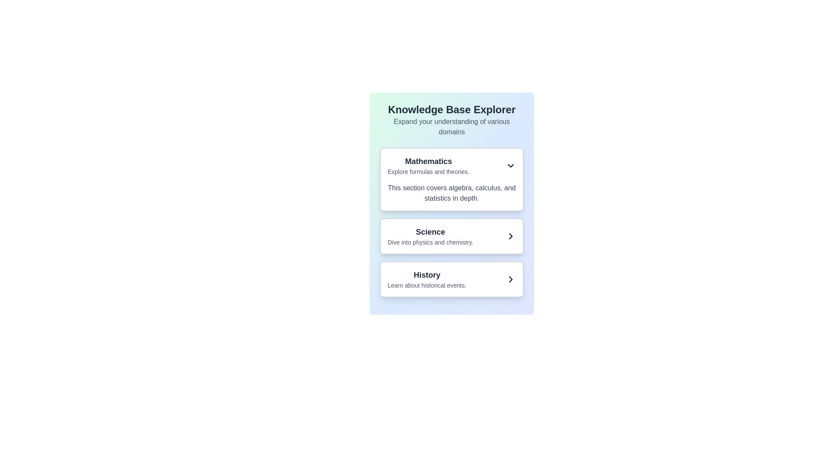  I want to click on the 'Knowledge Base Explorer' text label, which is a bold, large font header displayed in dark gray at the top of the section, so click(451, 109).